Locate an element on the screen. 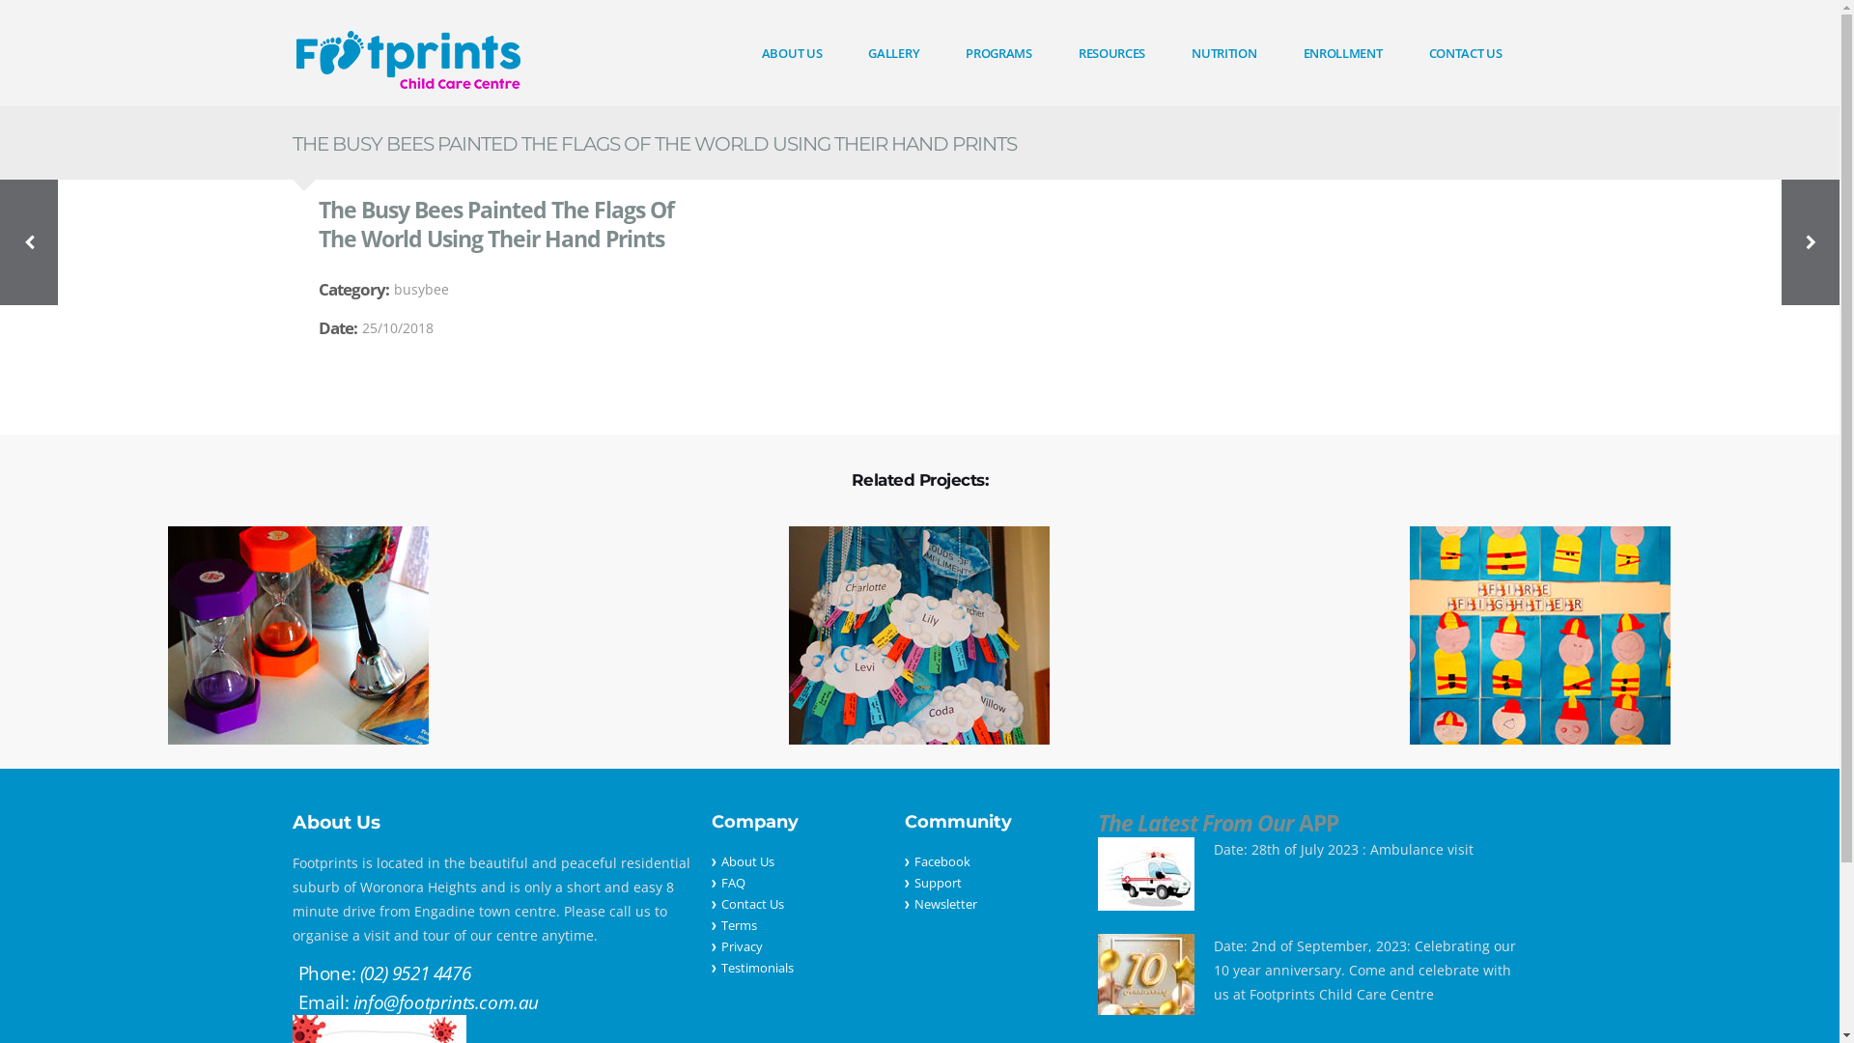 Image resolution: width=1854 pixels, height=1043 pixels. 'GALLERY' is located at coordinates (892, 51).